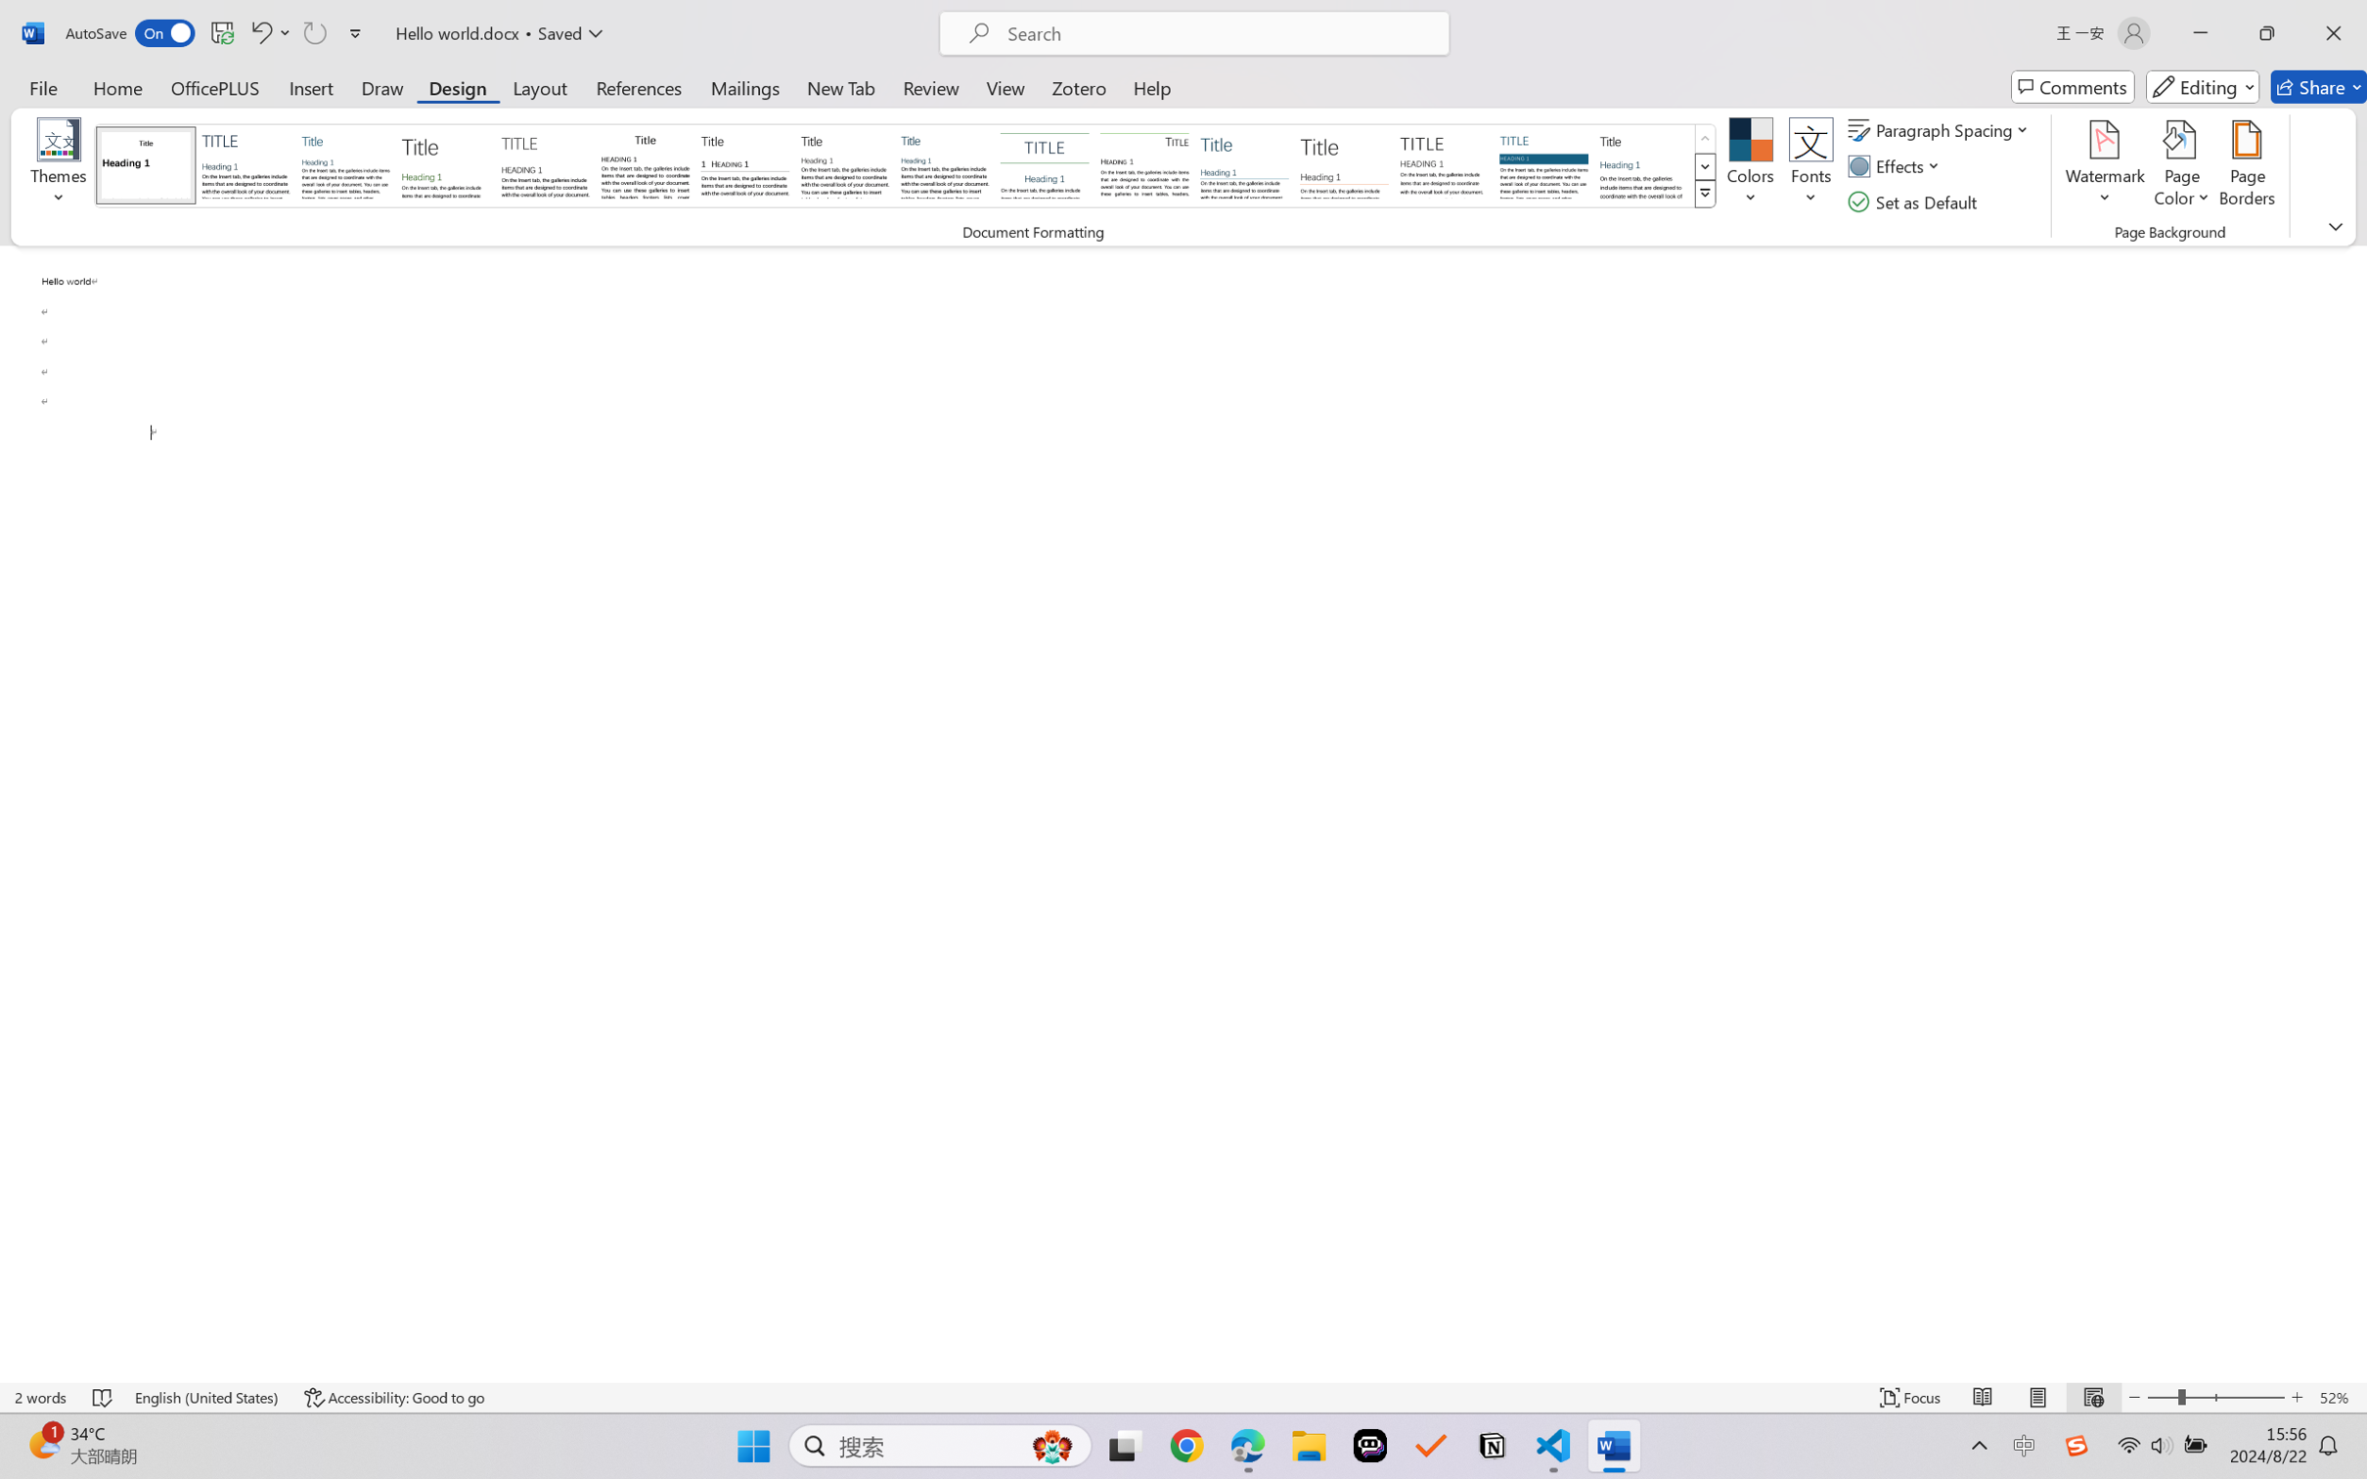  What do you see at coordinates (1750, 166) in the screenshot?
I see `'Colors'` at bounding box center [1750, 166].